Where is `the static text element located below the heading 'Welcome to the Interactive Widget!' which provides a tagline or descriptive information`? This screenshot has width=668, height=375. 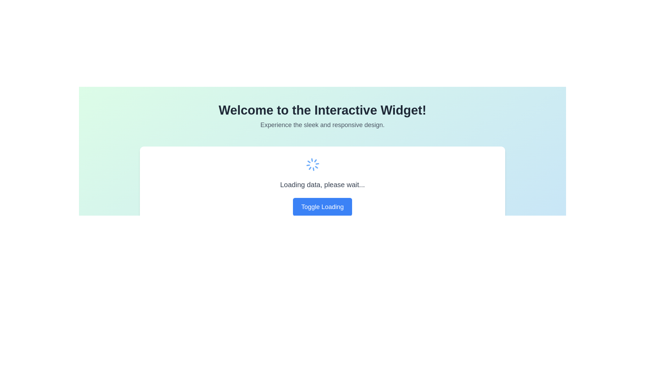
the static text element located below the heading 'Welcome to the Interactive Widget!' which provides a tagline or descriptive information is located at coordinates (322, 124).